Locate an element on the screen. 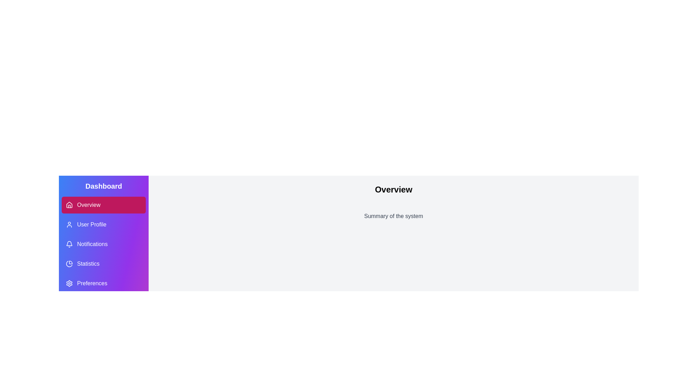  the user profile icon, which is a circular head and rectangular body icon styled with a light stroke, located in the vertical navigation menu next to the 'User Profile' text is located at coordinates (69, 224).